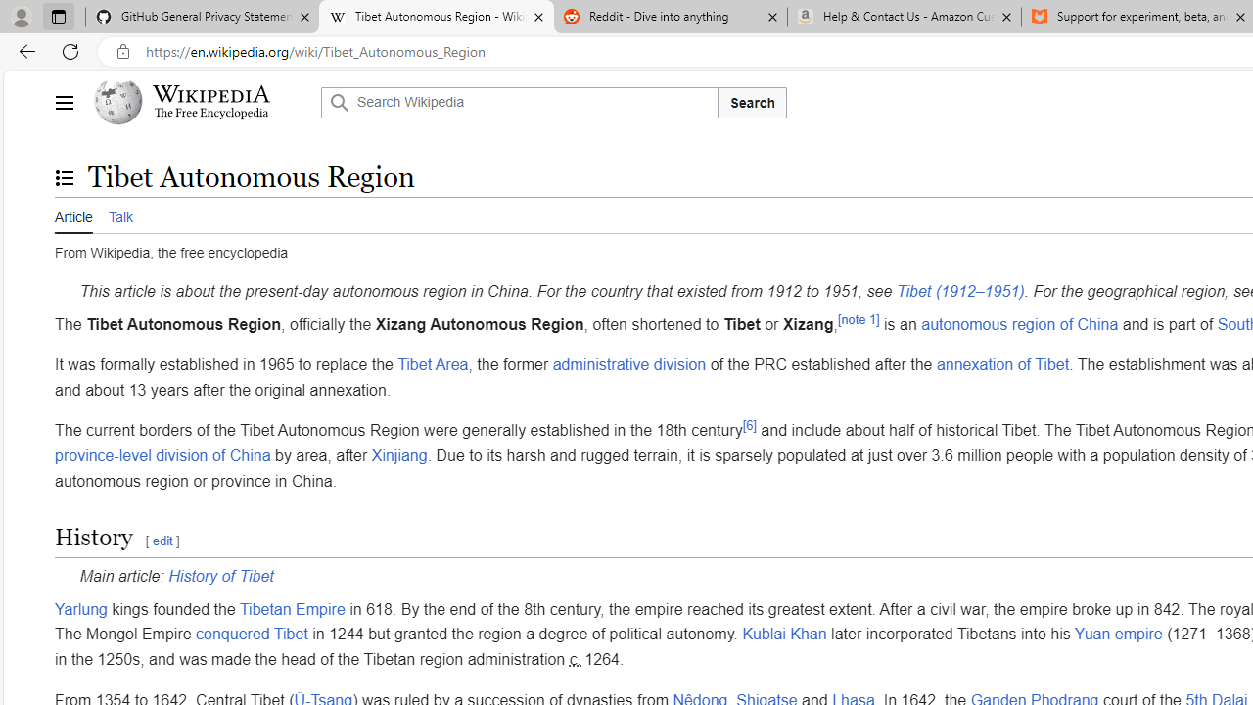 The image size is (1253, 705). What do you see at coordinates (858, 318) in the screenshot?
I see `'[note 1]'` at bounding box center [858, 318].